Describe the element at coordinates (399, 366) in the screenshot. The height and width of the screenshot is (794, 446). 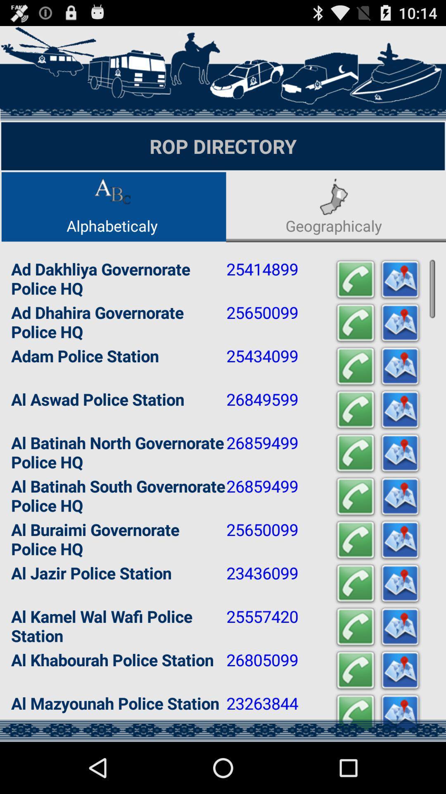
I see `show location on map` at that location.